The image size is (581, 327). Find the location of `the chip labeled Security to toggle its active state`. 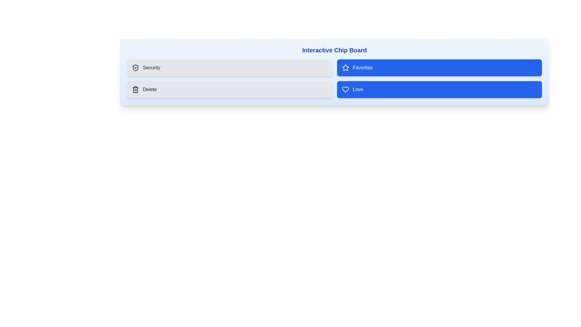

the chip labeled Security to toggle its active state is located at coordinates (229, 68).